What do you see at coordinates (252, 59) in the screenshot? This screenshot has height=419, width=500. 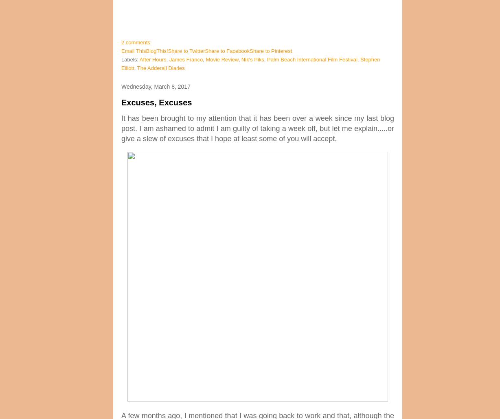 I see `'Nik's Piks'` at bounding box center [252, 59].